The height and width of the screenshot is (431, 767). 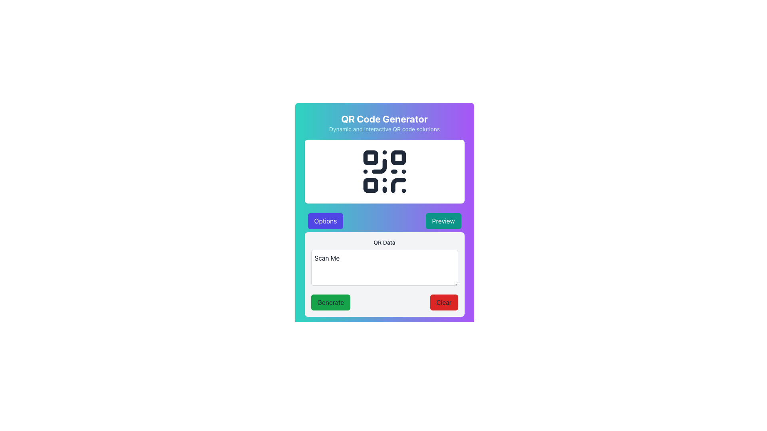 What do you see at coordinates (443, 221) in the screenshot?
I see `the rectangular 'Preview' button with a green background and white text located in the top-right corner of the interface to initiate a preview` at bounding box center [443, 221].